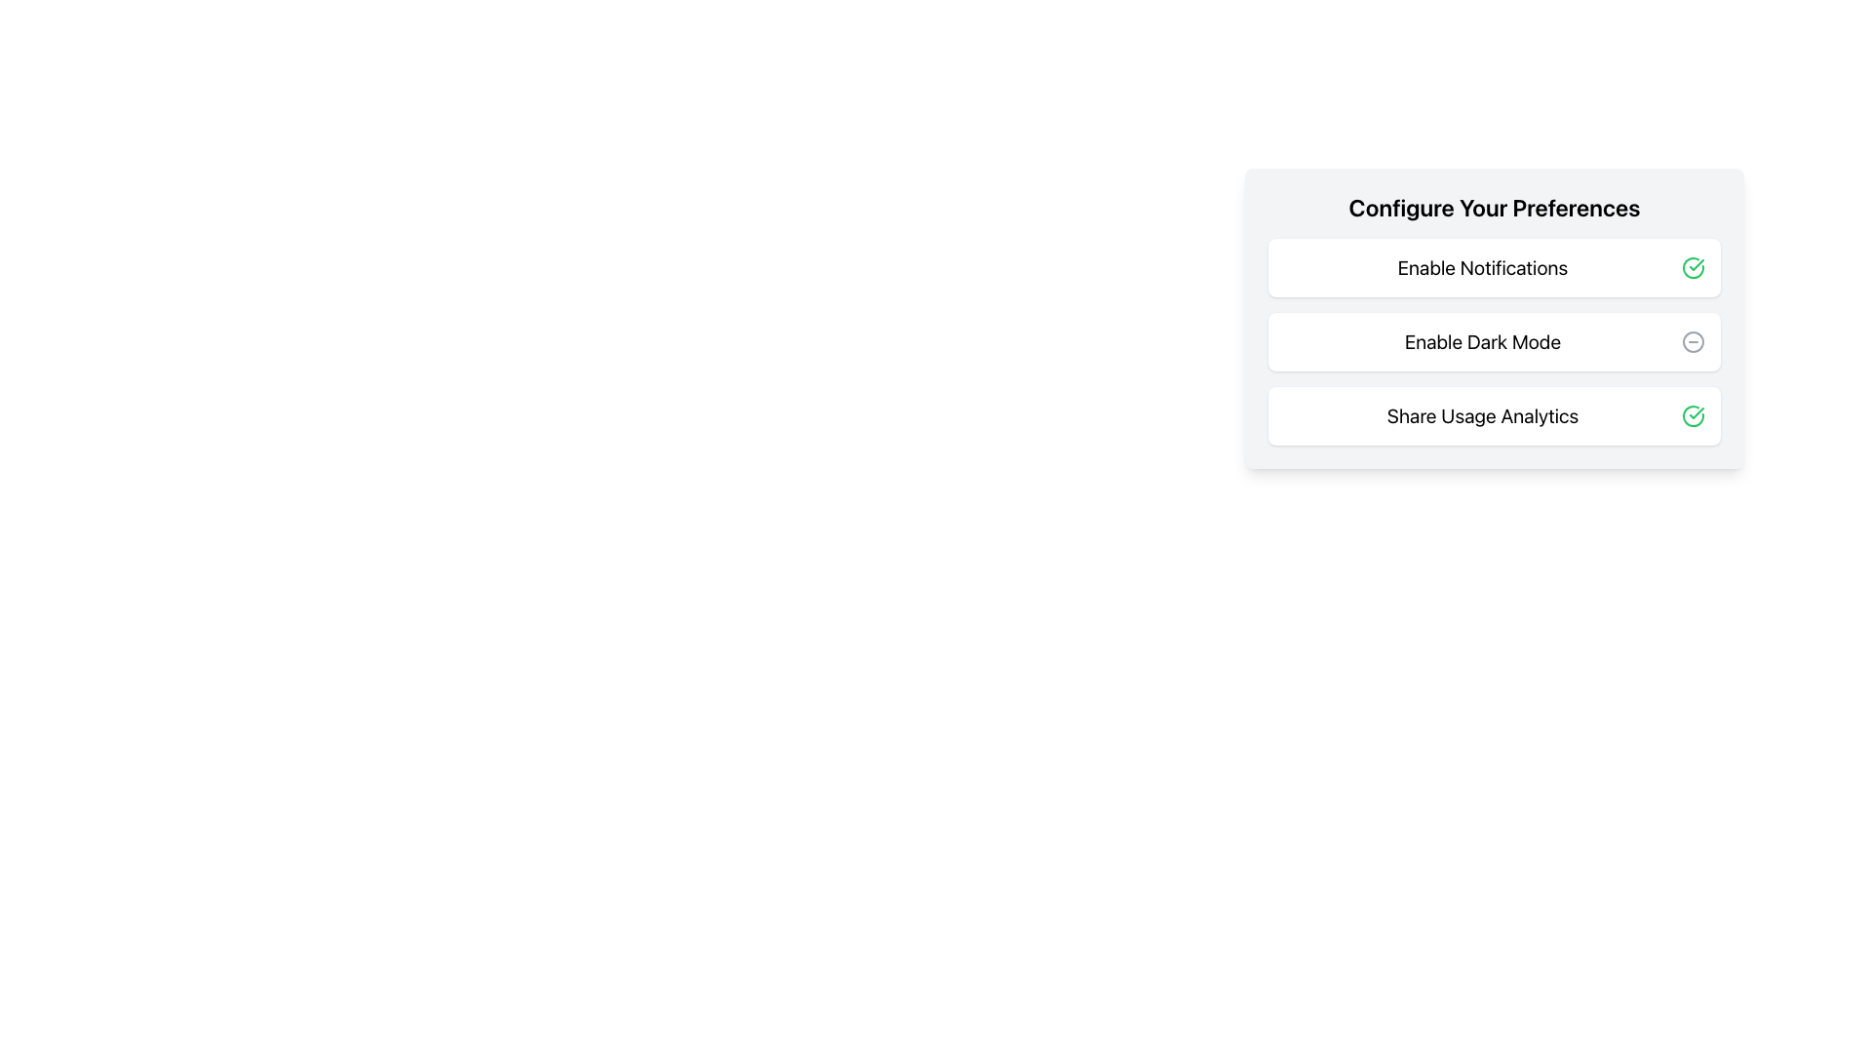 Image resolution: width=1872 pixels, height=1053 pixels. I want to click on the text label for the dark mode configuration option, which is left-aligned in the second row of the vertically stacked list, positioned under 'Enable Notifications' and above 'Share Usage Analytics', so click(1482, 341).